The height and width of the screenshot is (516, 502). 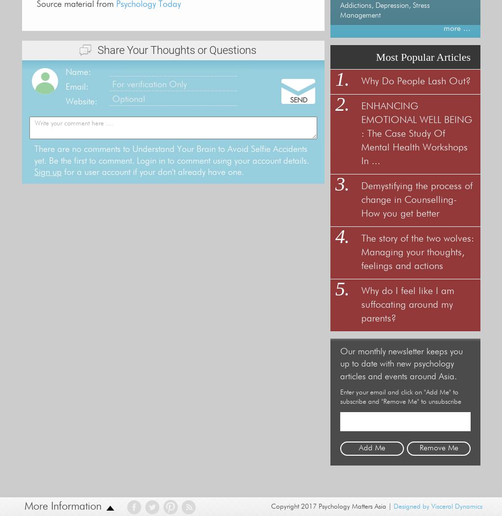 I want to click on 'Why do I feel like I am suffocating around my parents?', so click(x=407, y=305).